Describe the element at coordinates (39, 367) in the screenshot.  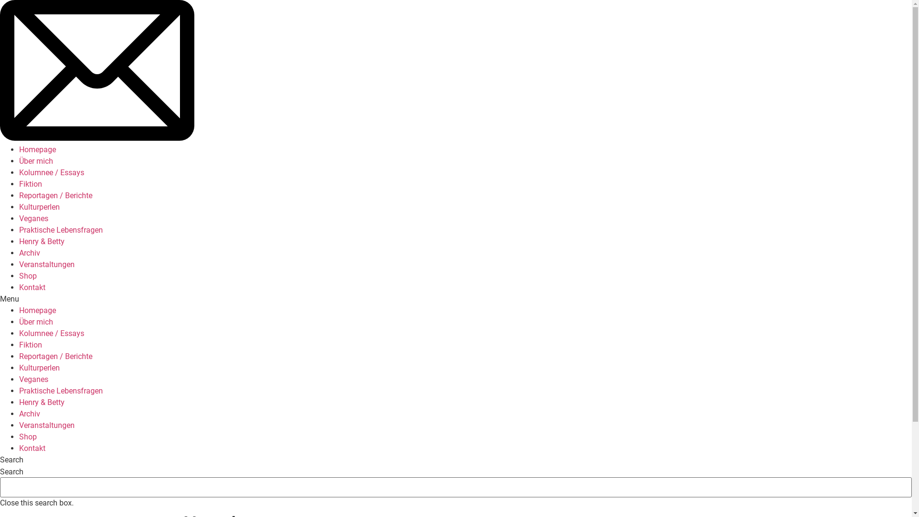
I see `'Kulturperlen'` at that location.